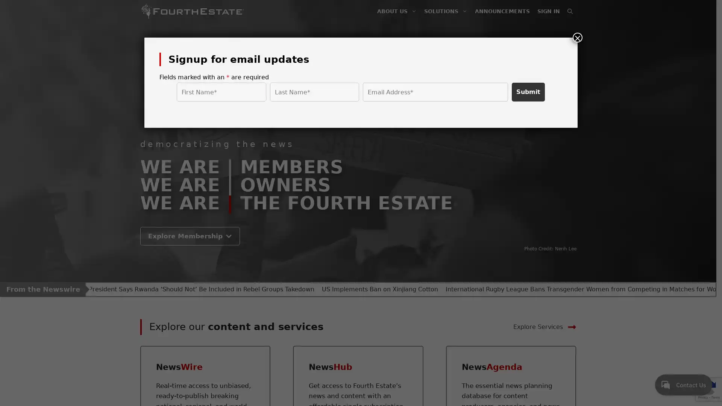 The height and width of the screenshot is (406, 722). I want to click on Submit, so click(528, 92).